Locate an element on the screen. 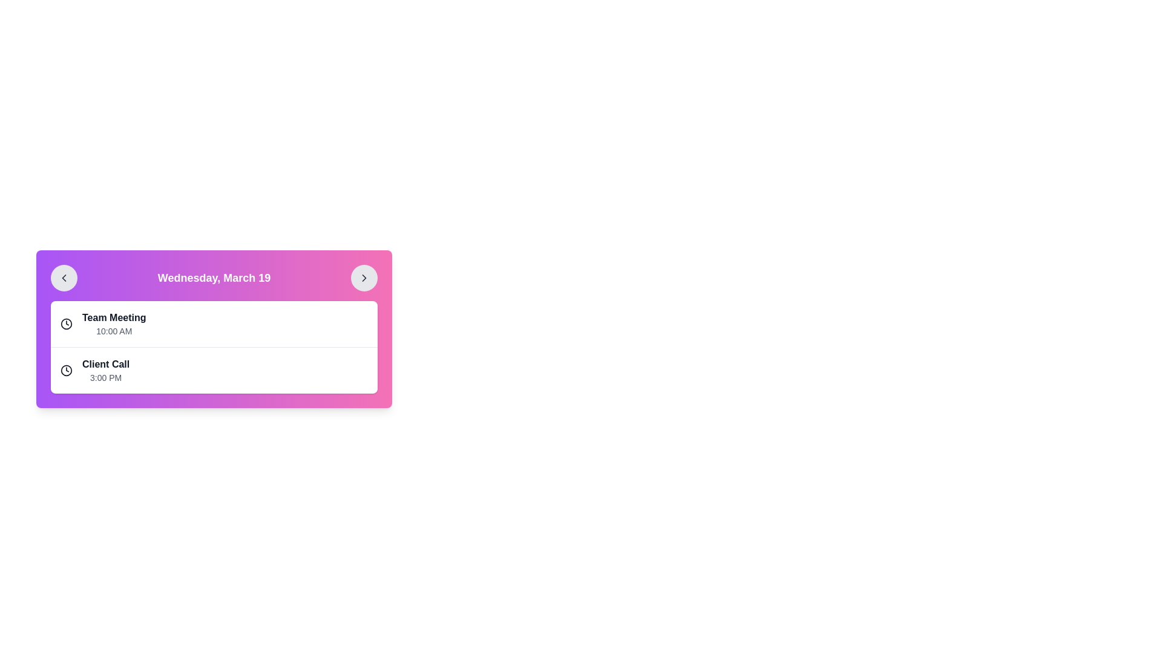 The height and width of the screenshot is (653, 1162). the clock icon located to the left of the 'Team Meeting' label and above the '10:00 AM' label, which is the first element in the list under 'Wednesday, March 19' is located at coordinates (66, 323).